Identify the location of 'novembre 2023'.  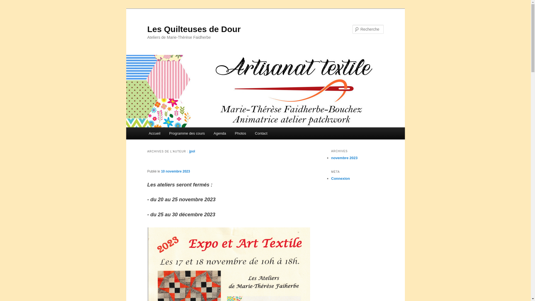
(344, 158).